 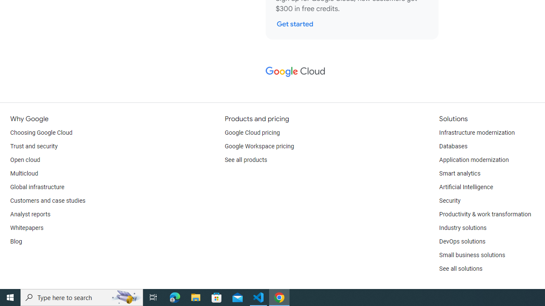 What do you see at coordinates (24, 173) in the screenshot?
I see `'Multicloud'` at bounding box center [24, 173].